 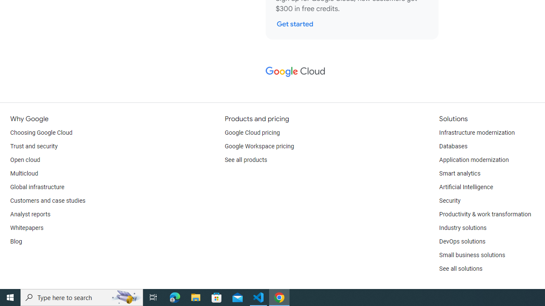 What do you see at coordinates (24, 173) in the screenshot?
I see `'Multicloud'` at bounding box center [24, 173].